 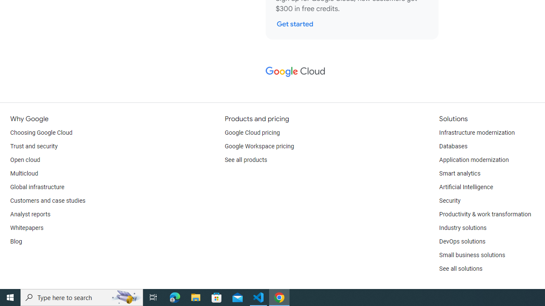 What do you see at coordinates (24, 173) in the screenshot?
I see `'Multicloud'` at bounding box center [24, 173].